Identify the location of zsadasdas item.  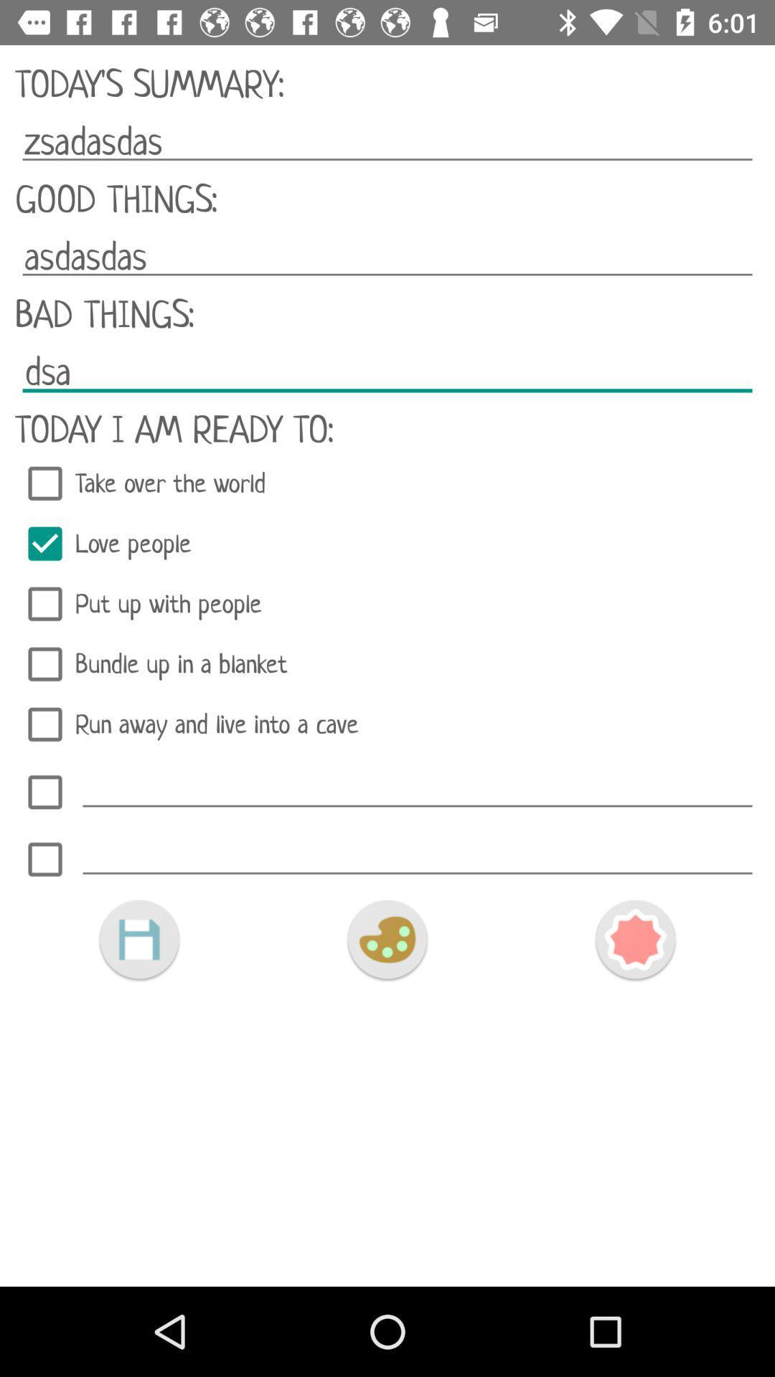
(387, 141).